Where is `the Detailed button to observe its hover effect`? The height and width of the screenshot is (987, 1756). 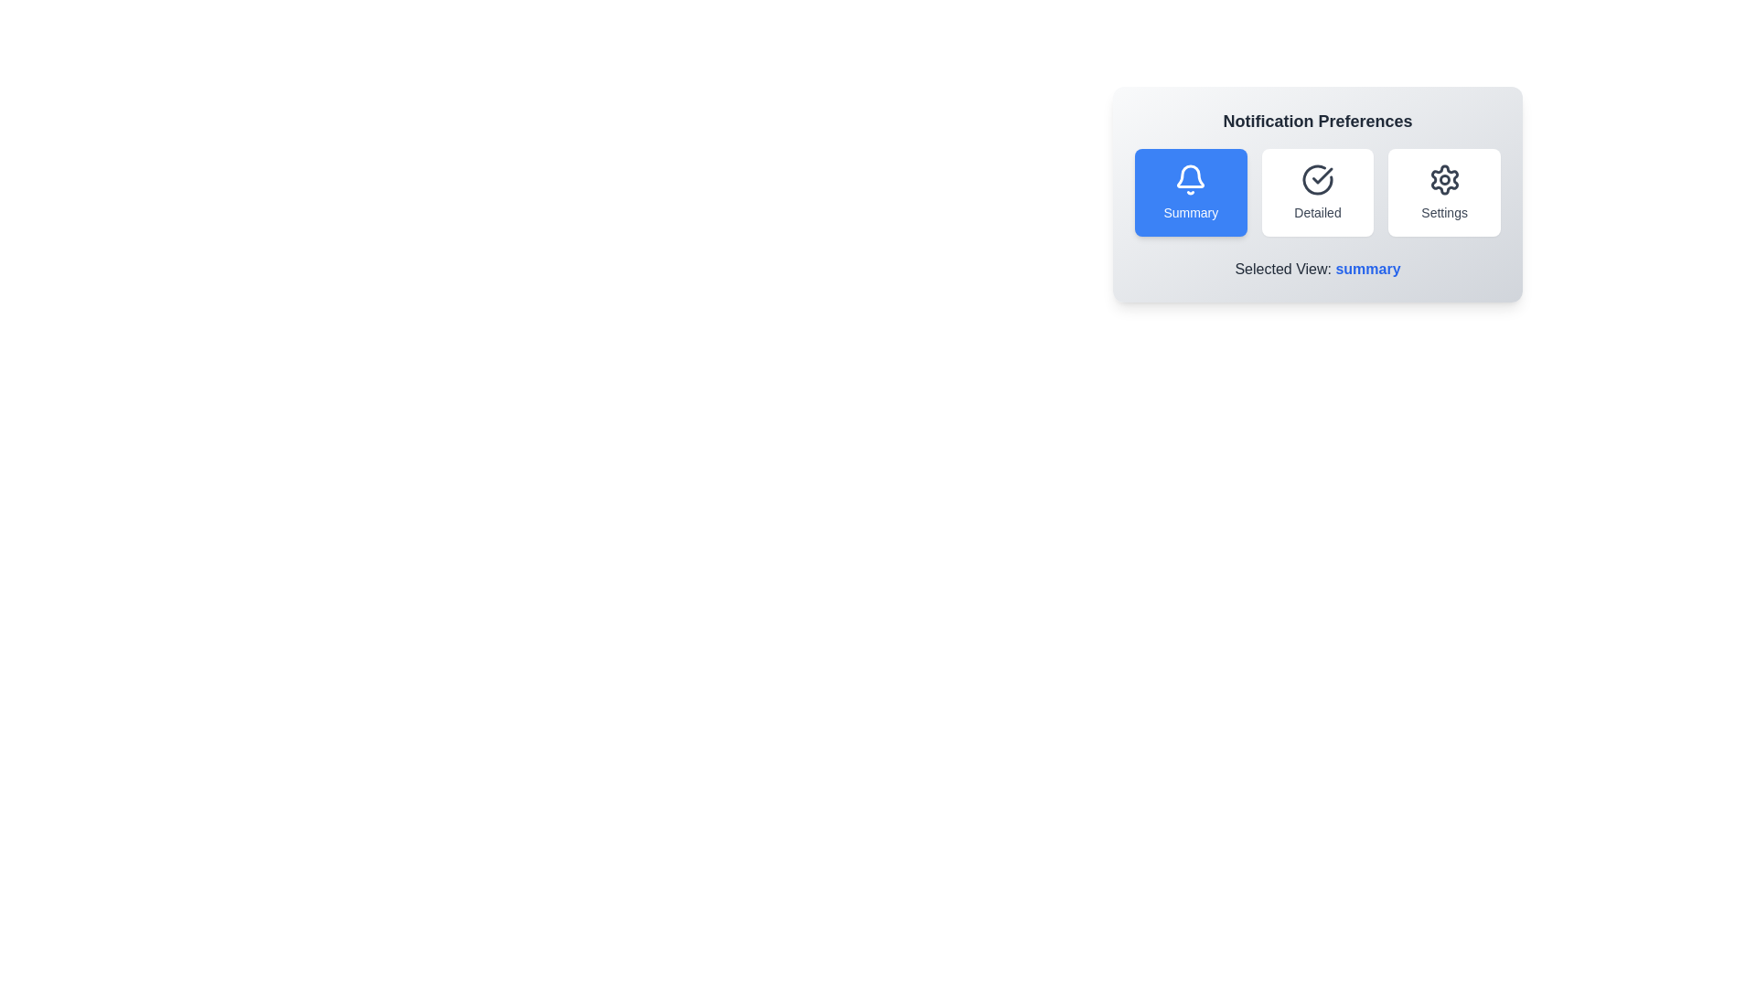
the Detailed button to observe its hover effect is located at coordinates (1317, 193).